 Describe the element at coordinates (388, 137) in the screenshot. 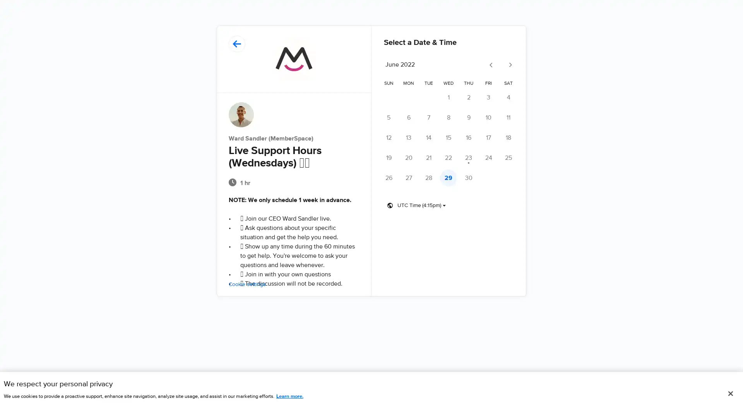

I see `Sunday, June 12 - No times available` at that location.